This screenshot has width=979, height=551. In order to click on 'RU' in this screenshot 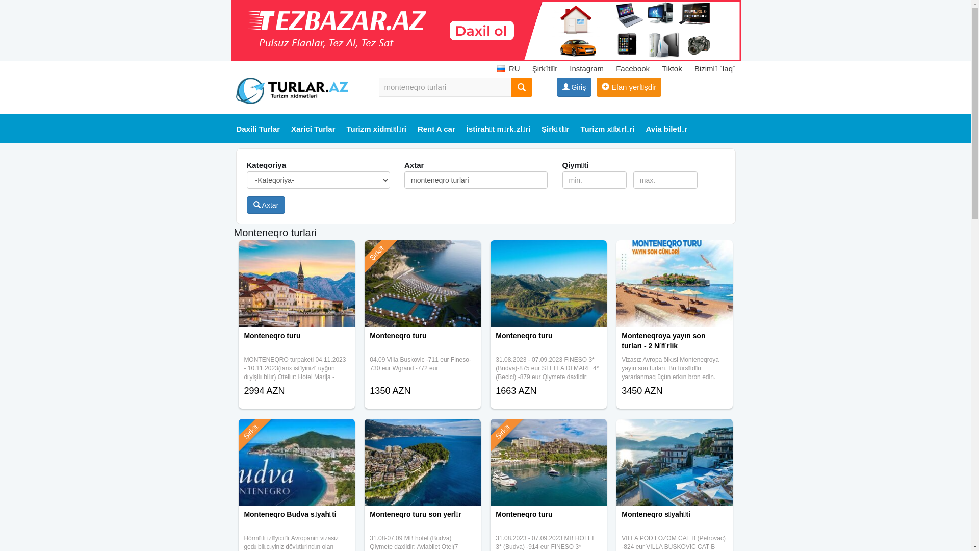, I will do `click(508, 68)`.